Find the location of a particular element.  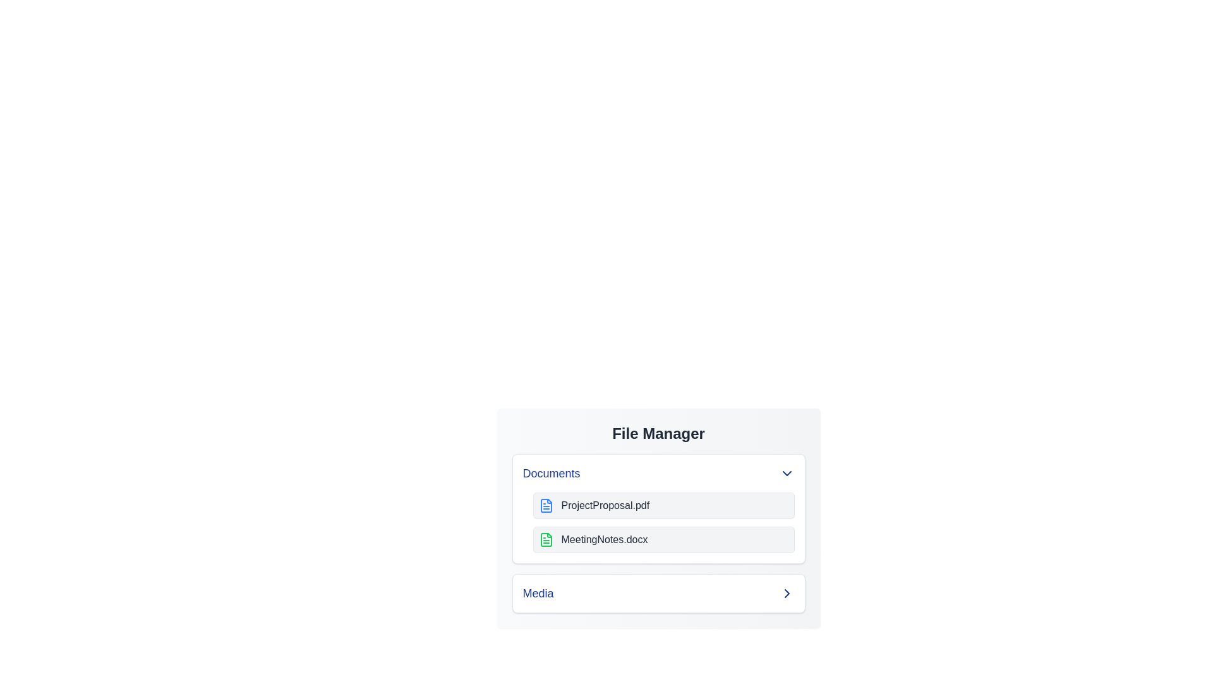

the file named MeetingNotes.docx to select it is located at coordinates (663, 540).